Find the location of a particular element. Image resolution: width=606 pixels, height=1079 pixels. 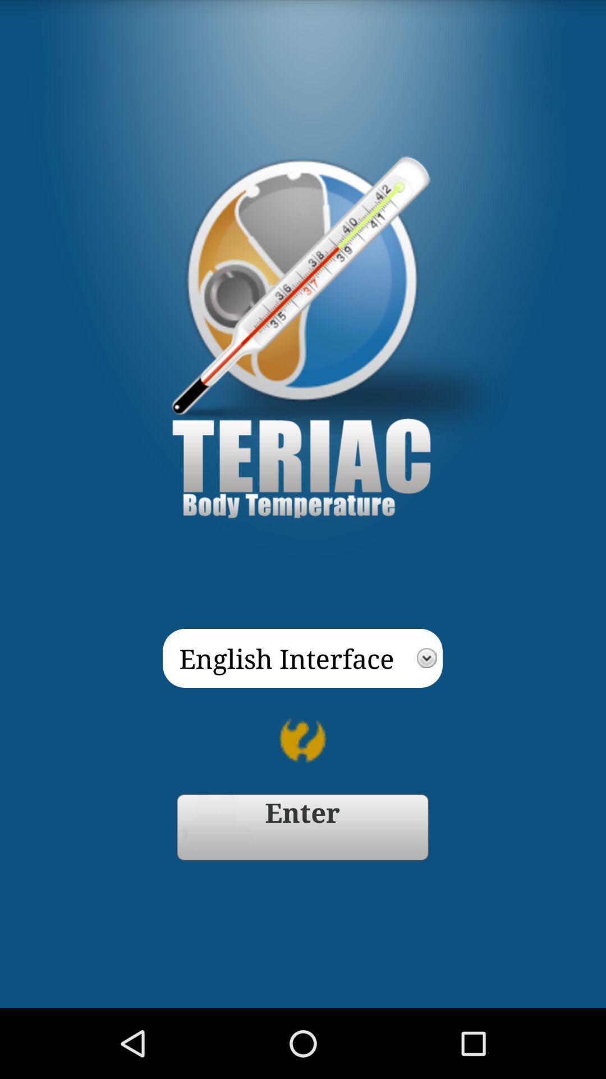

go forward enter is located at coordinates (302, 827).